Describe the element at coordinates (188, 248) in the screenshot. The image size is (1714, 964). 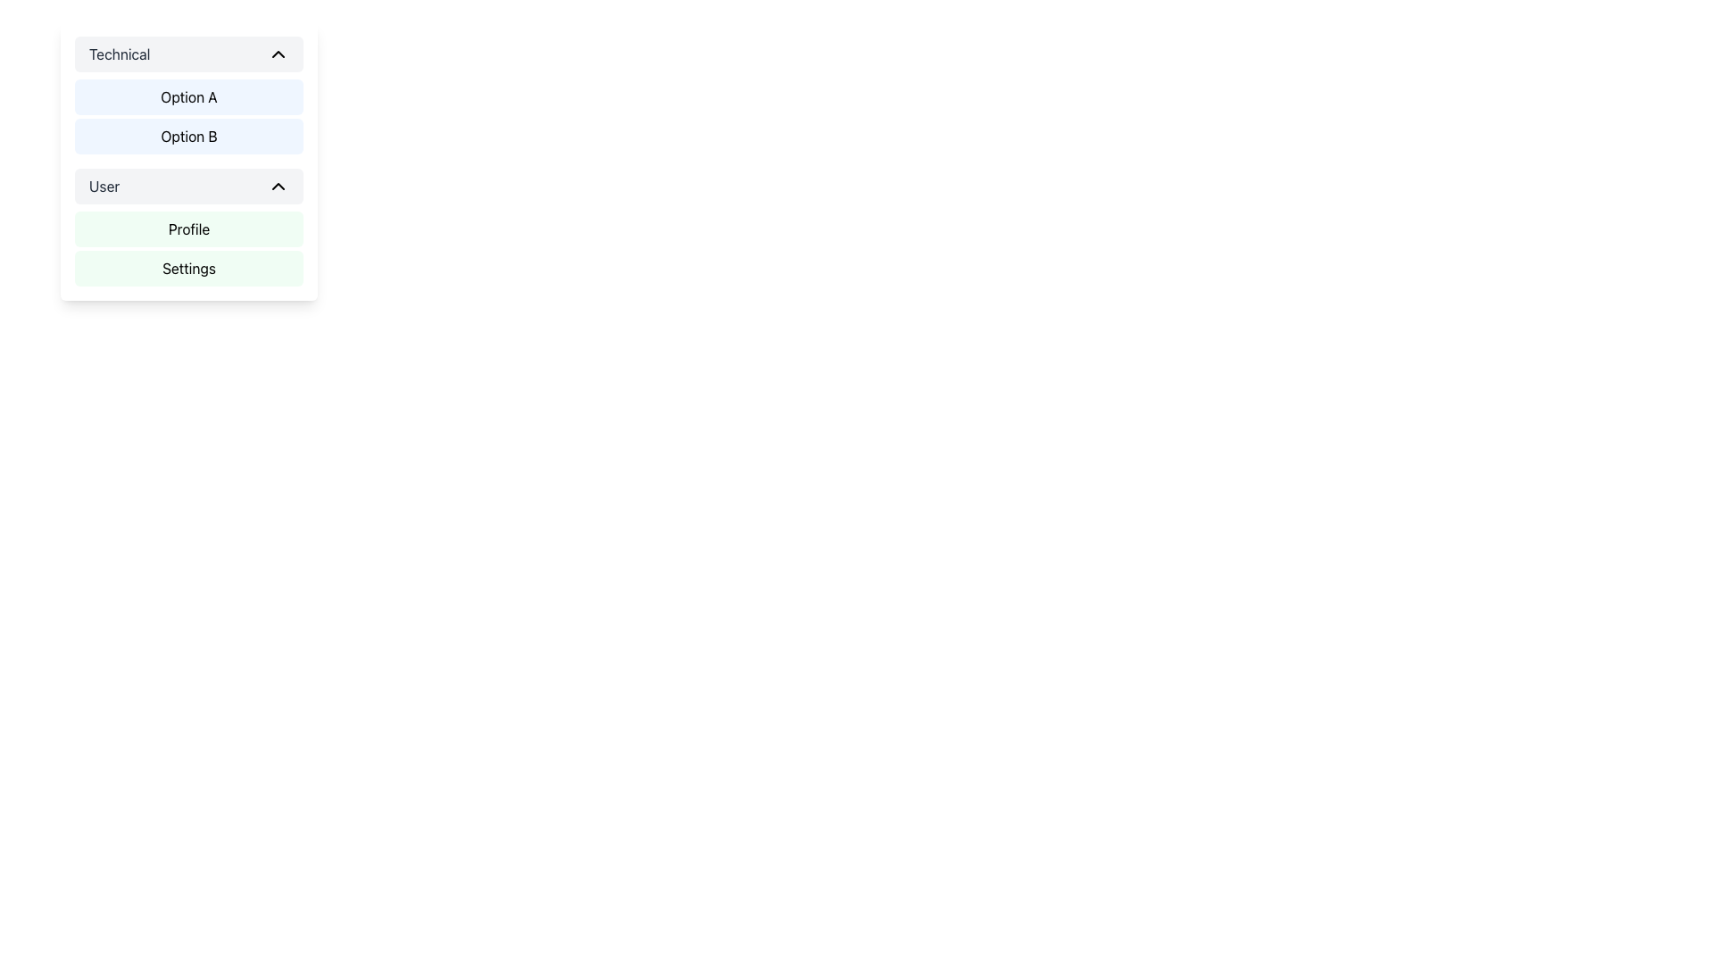
I see `the 'Profile' section of the User menu located under the Technical section` at that location.